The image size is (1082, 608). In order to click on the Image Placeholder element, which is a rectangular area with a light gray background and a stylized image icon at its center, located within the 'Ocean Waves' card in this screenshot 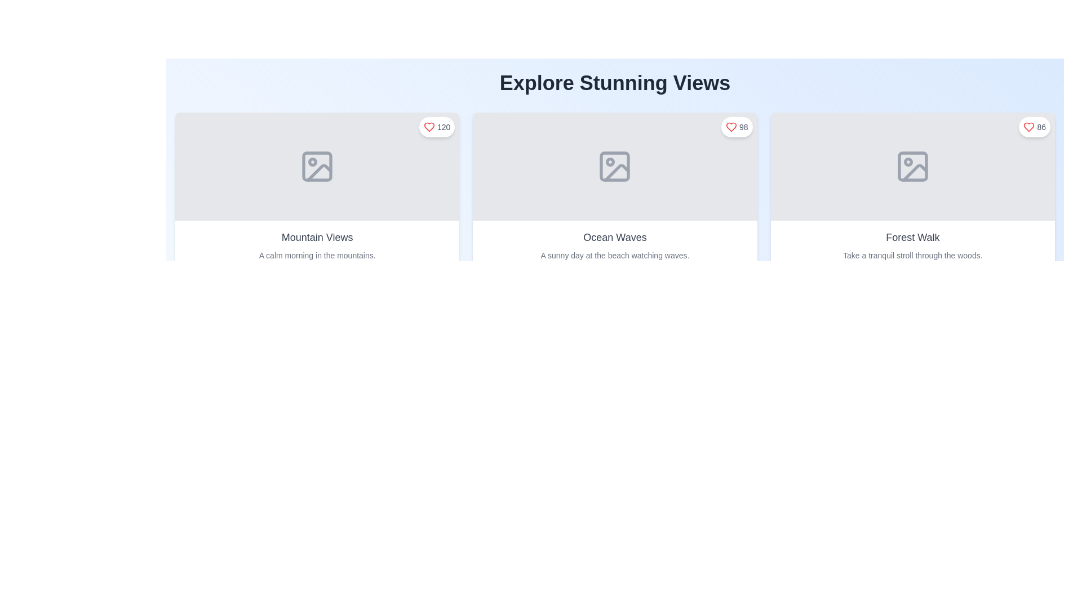, I will do `click(614, 167)`.